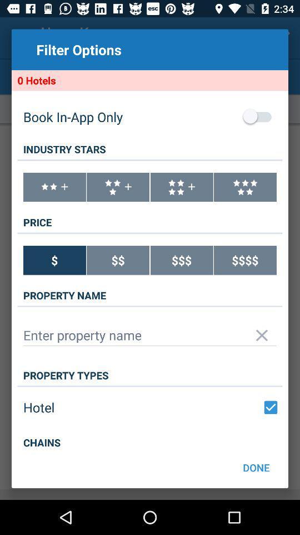 The height and width of the screenshot is (535, 300). What do you see at coordinates (245, 187) in the screenshot?
I see `rate 5 stars` at bounding box center [245, 187].